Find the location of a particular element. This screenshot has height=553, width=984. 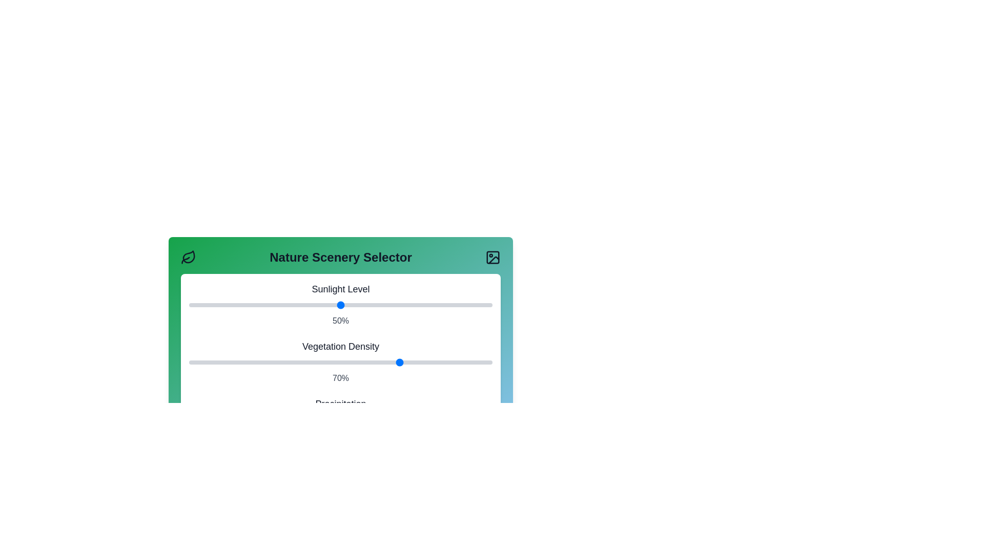

the precipitation slider to set its value to 56 is located at coordinates (359, 420).